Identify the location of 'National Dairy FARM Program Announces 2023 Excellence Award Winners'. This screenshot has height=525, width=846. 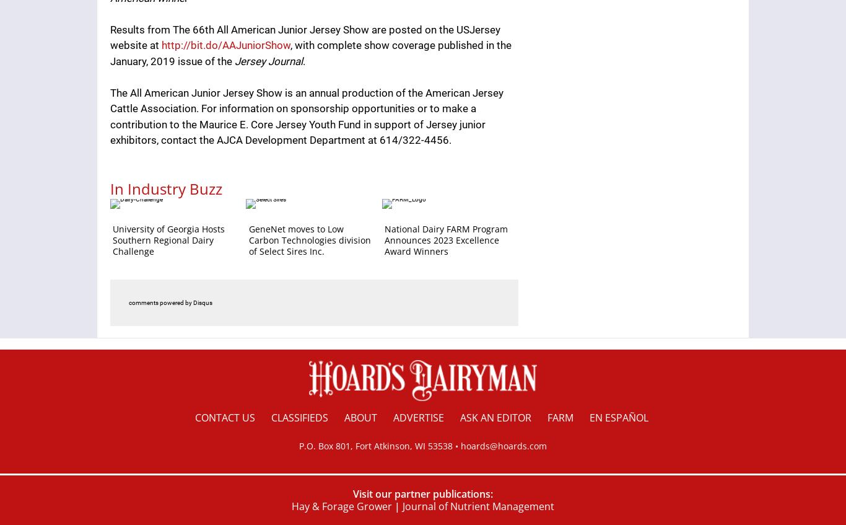
(446, 239).